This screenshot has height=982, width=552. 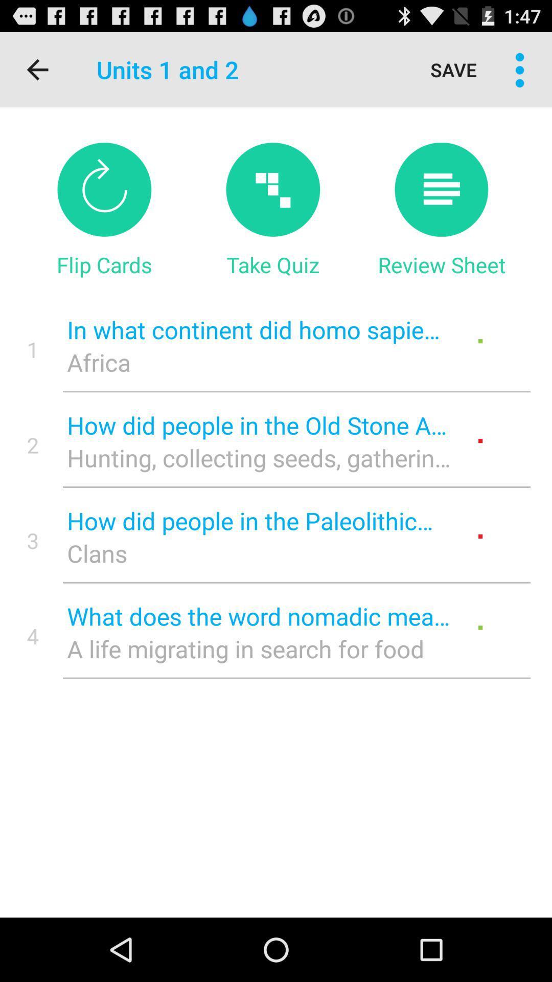 What do you see at coordinates (520, 69) in the screenshot?
I see `item next to the save` at bounding box center [520, 69].